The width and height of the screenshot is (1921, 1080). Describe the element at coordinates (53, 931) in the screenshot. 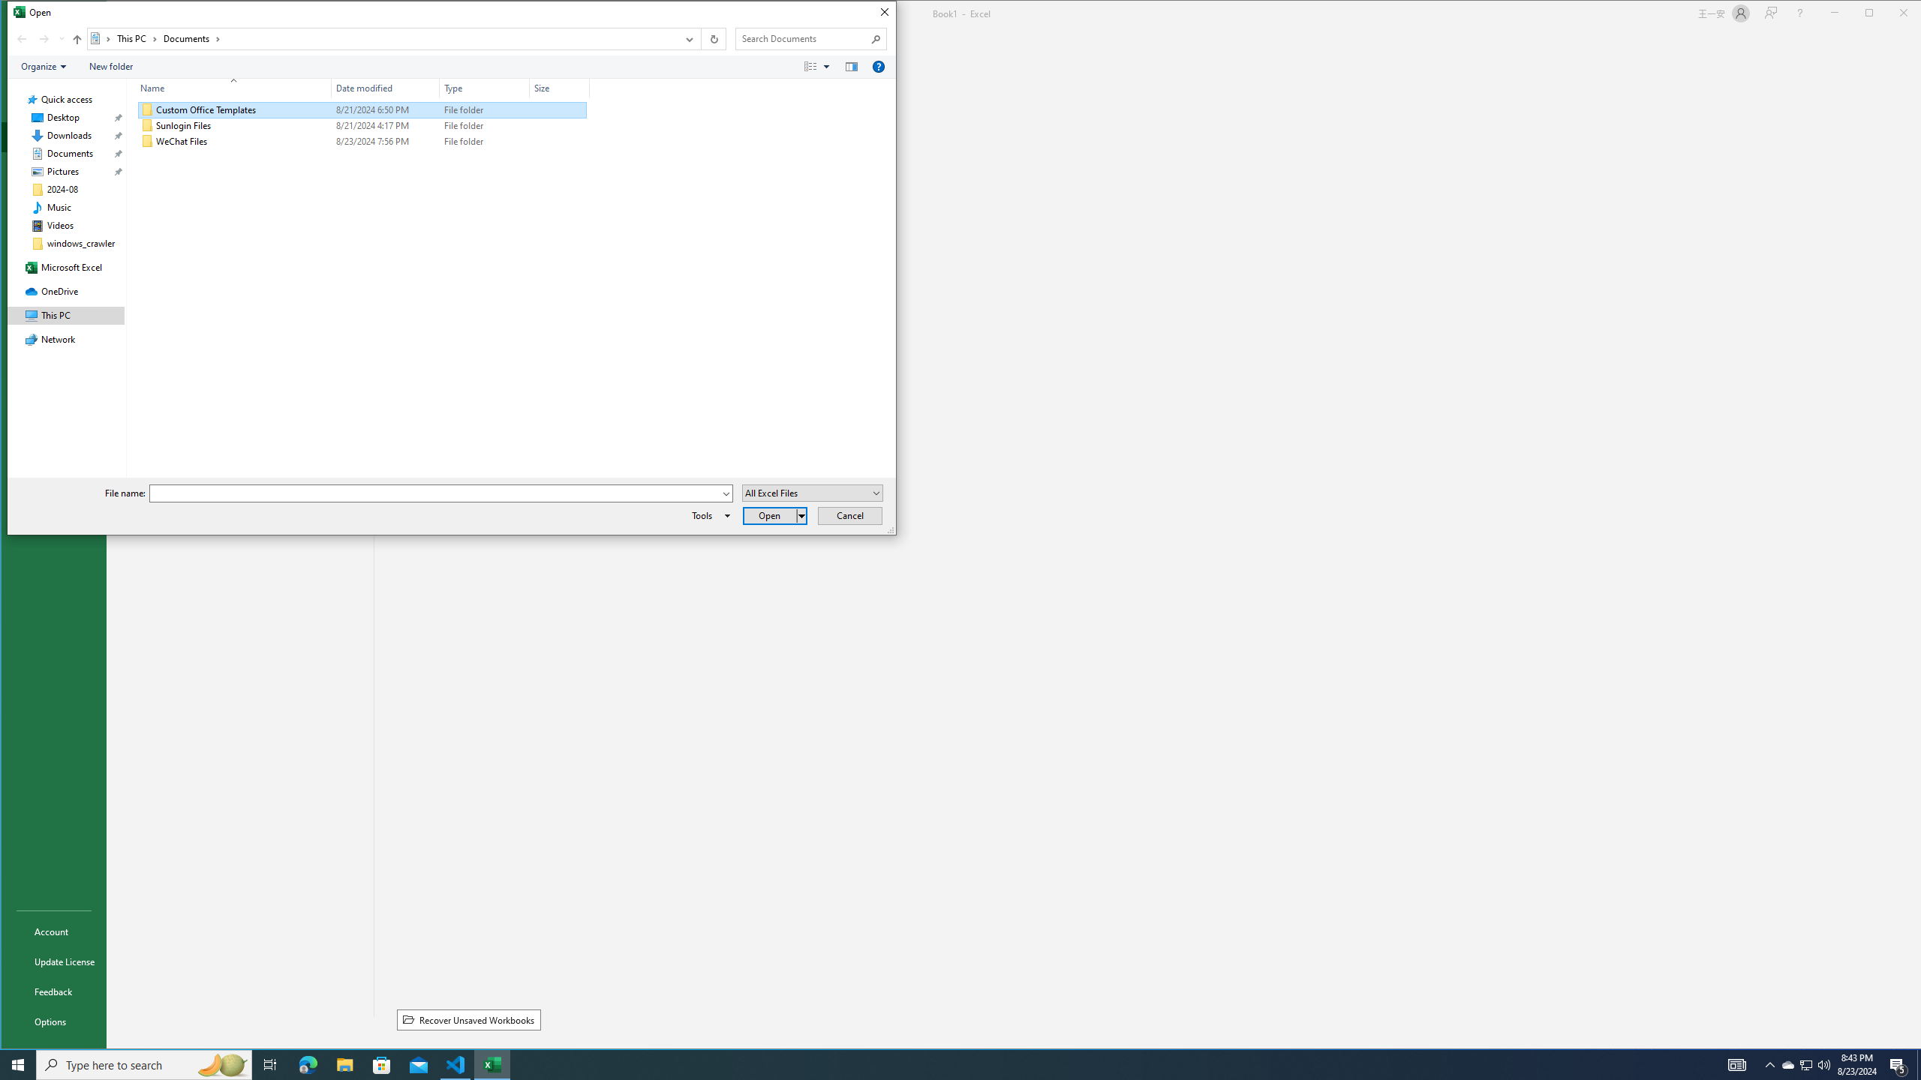

I see `'Account'` at that location.